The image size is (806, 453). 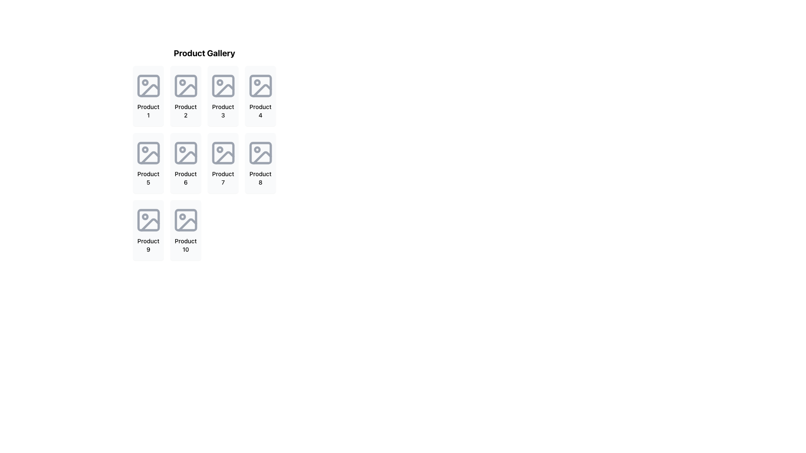 I want to click on the card representing 'Product 10' located at the bottom-right corner of the product gallery, so click(x=185, y=230).